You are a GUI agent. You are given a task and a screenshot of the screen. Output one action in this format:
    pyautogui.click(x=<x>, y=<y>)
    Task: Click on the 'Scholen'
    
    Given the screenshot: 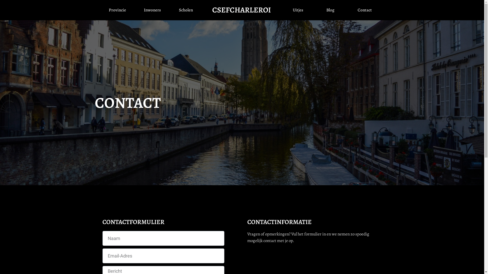 What is the action you would take?
    pyautogui.click(x=170, y=10)
    